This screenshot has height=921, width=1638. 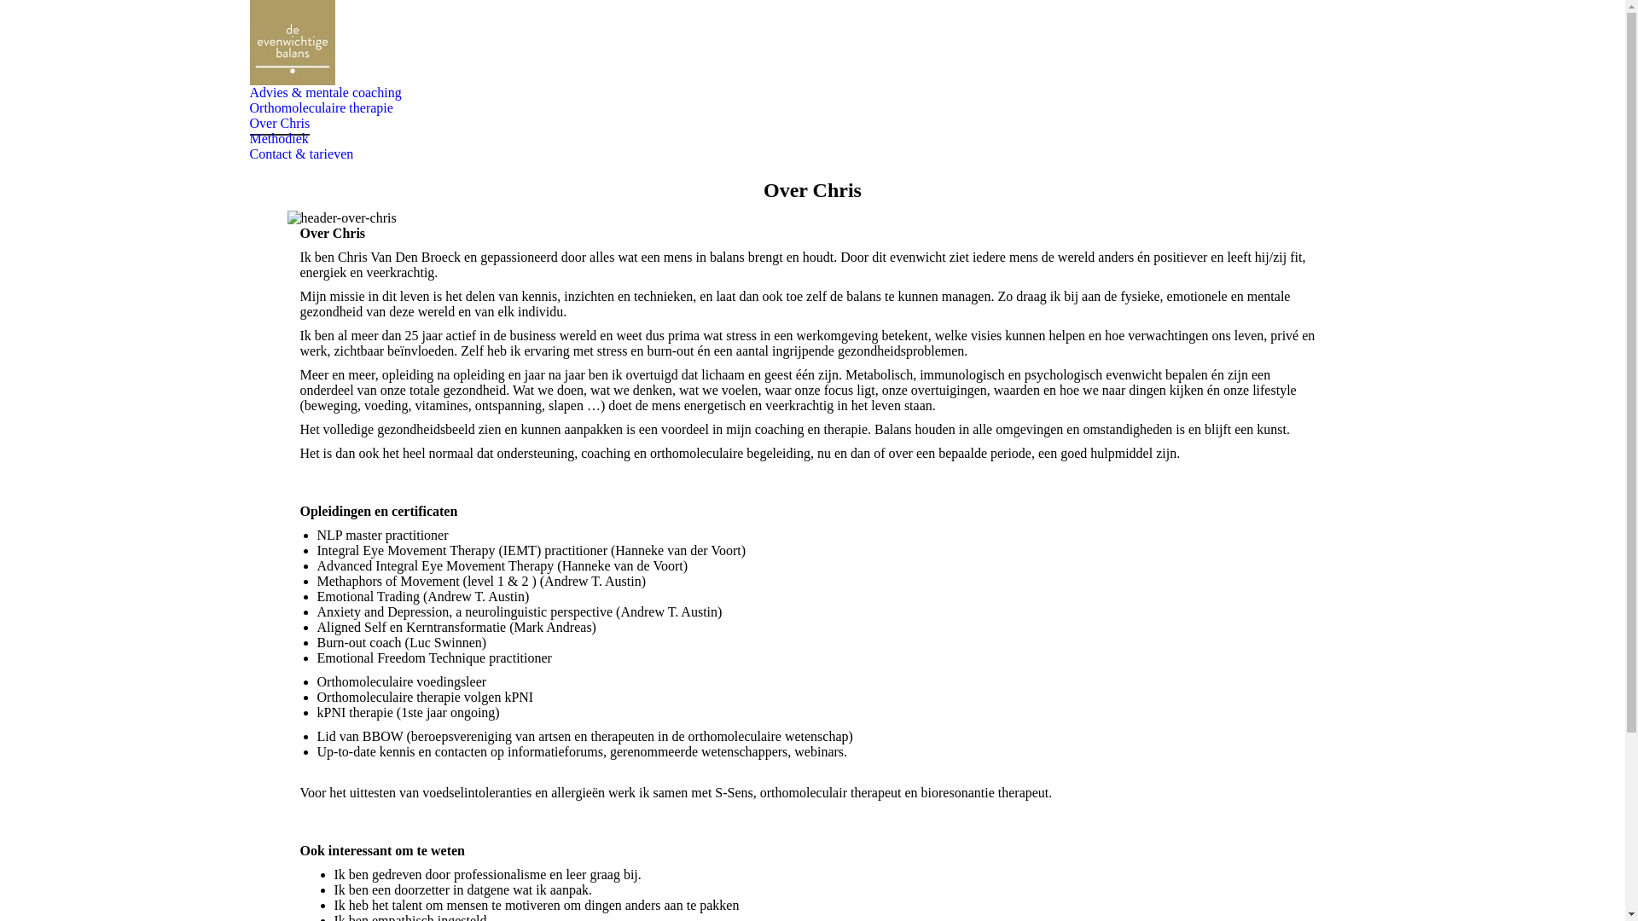 I want to click on 'Methodiek', so click(x=278, y=137).